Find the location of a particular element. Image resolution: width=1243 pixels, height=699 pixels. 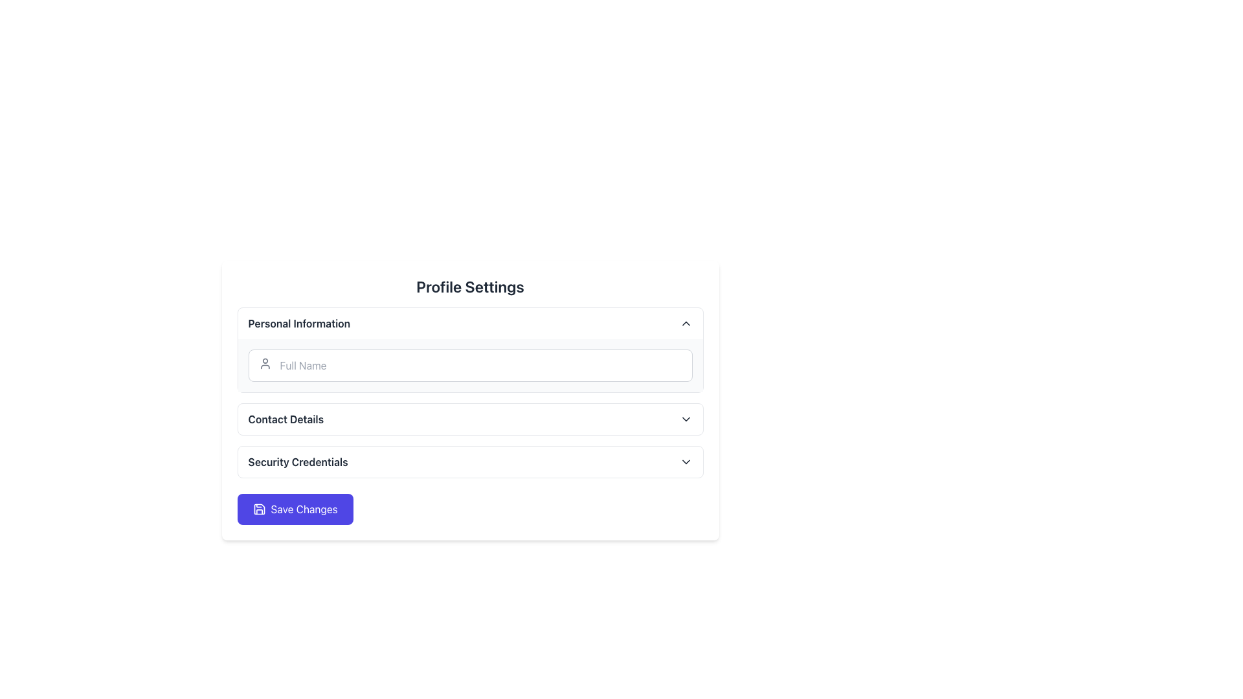

the downward-pointing chevron icon located at the far right of the 'Contact Details' header is located at coordinates (685, 419).